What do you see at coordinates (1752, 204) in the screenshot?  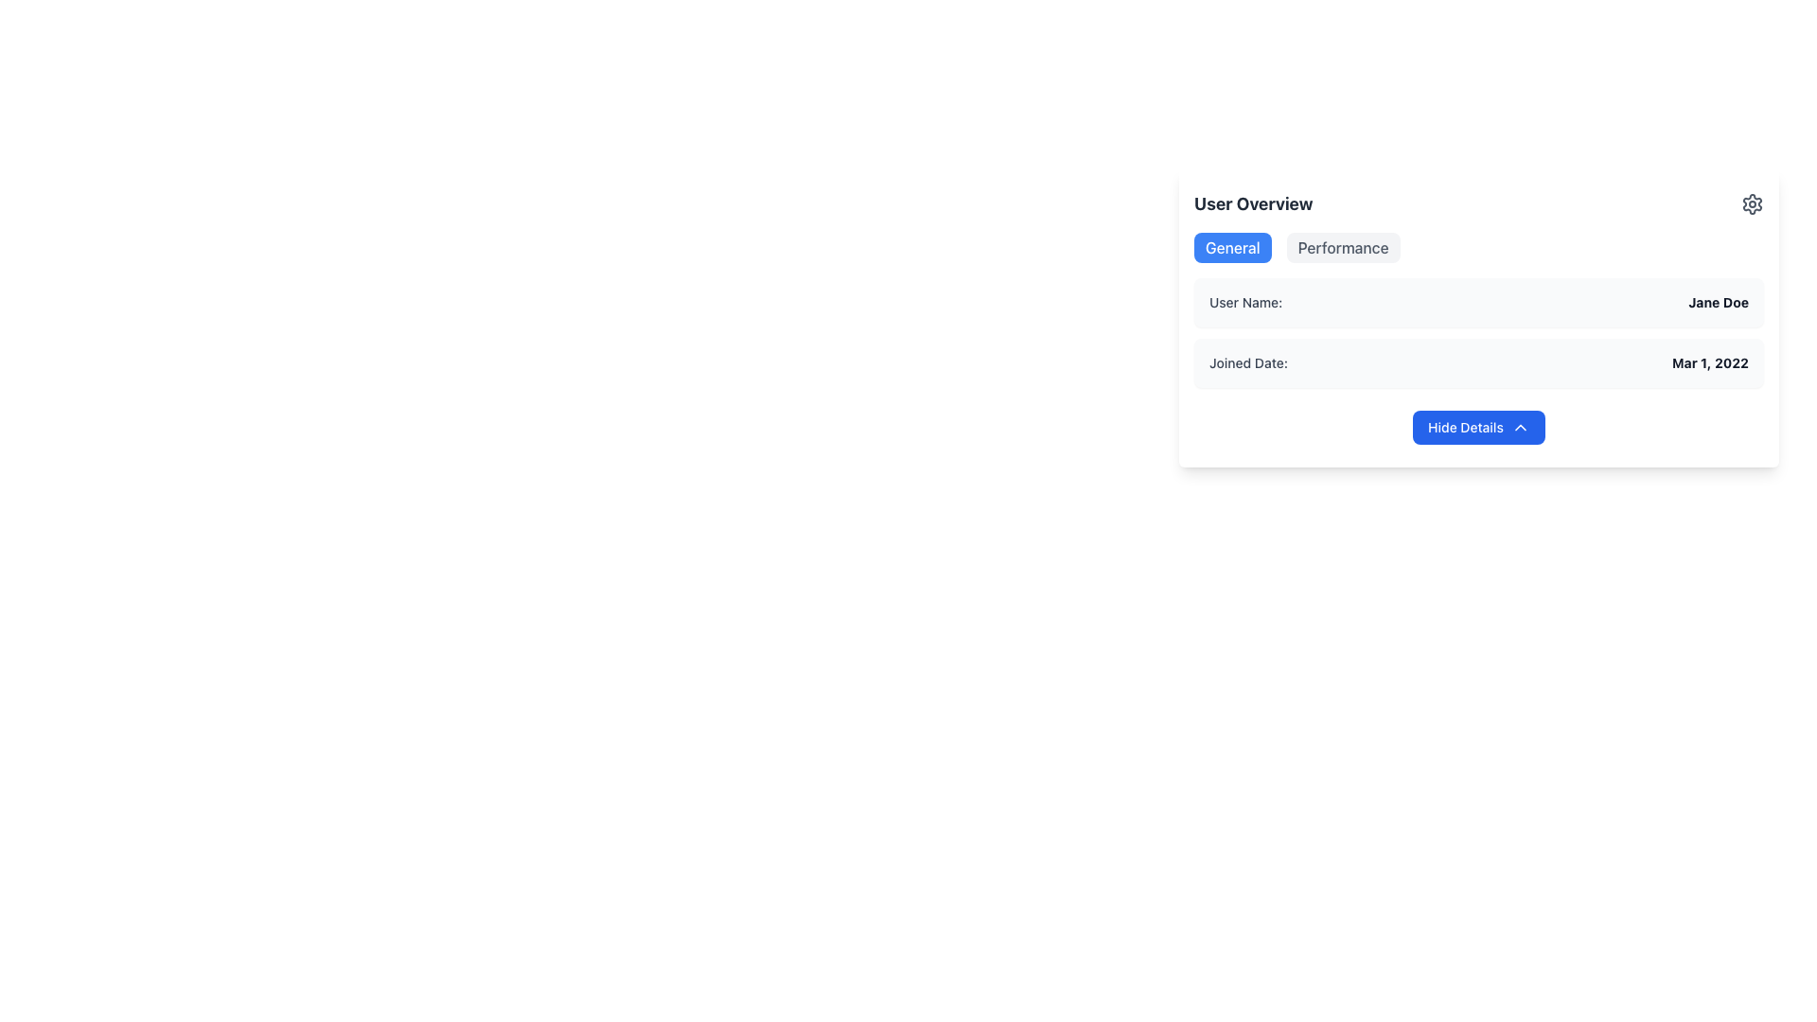 I see `the gear-shaped settings icon located at the top-right corner of the content panel` at bounding box center [1752, 204].